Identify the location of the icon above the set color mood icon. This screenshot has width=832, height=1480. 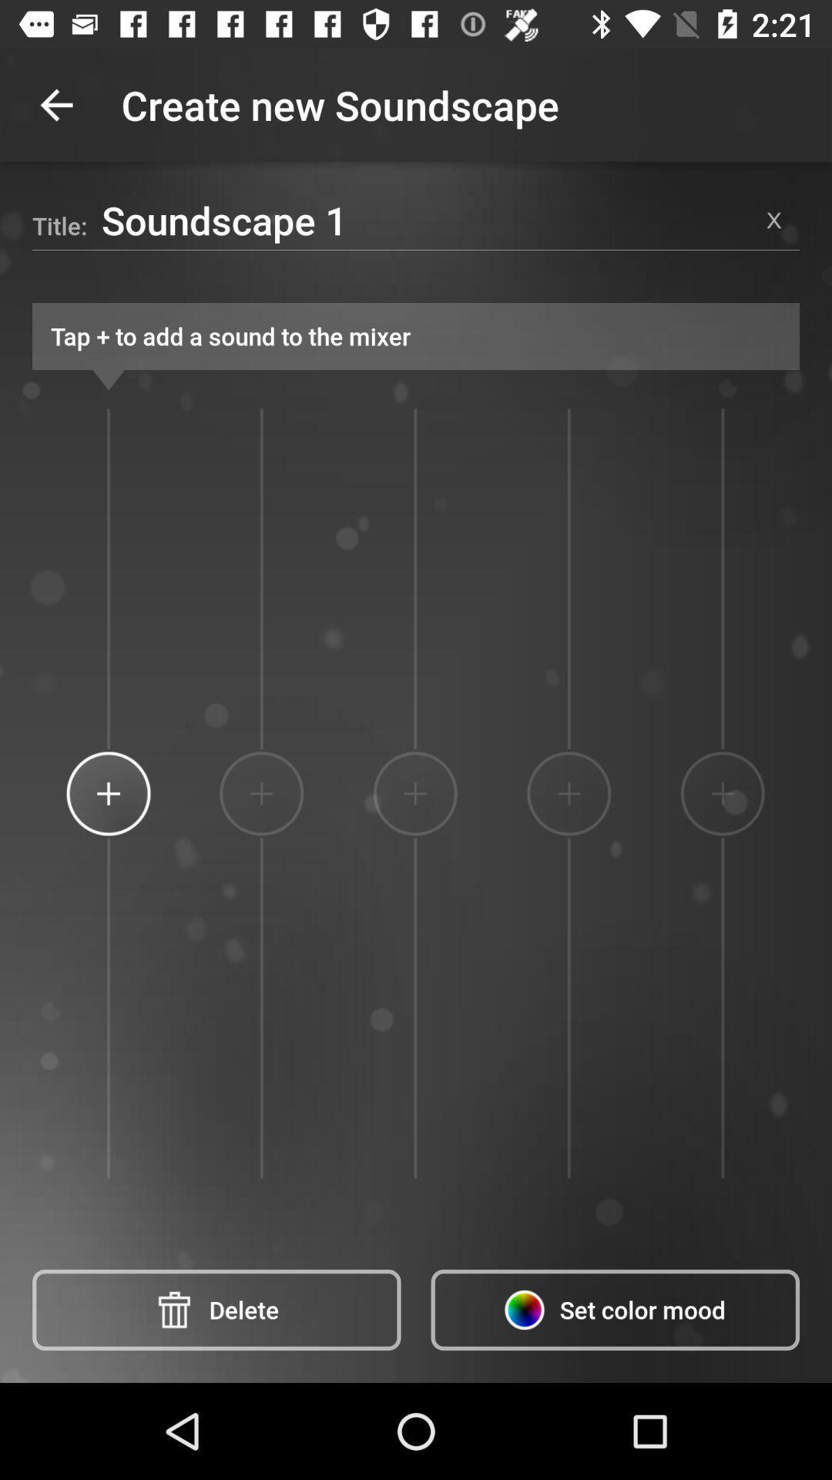
(569, 793).